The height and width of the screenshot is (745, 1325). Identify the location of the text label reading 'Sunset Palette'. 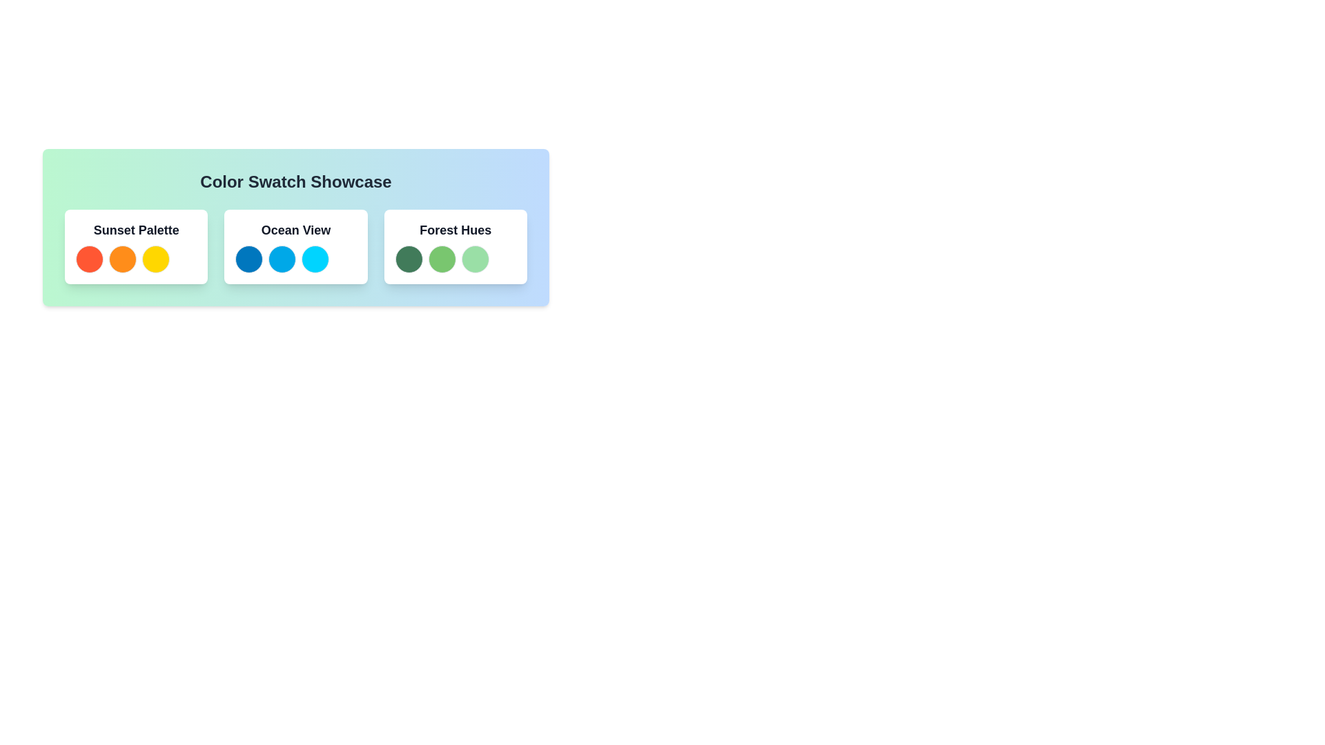
(136, 230).